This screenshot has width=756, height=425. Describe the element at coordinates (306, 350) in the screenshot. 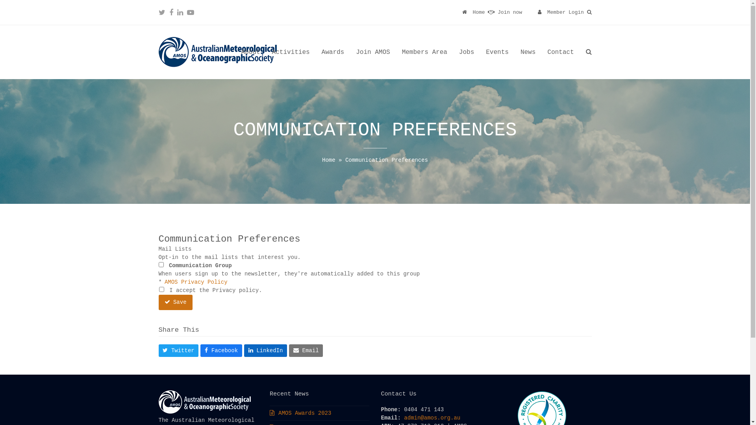

I see `'Email'` at that location.